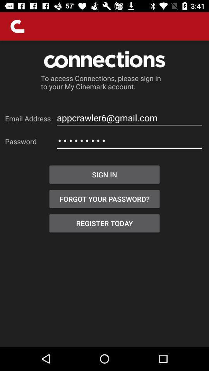 This screenshot has width=209, height=371. What do you see at coordinates (104, 198) in the screenshot?
I see `item below the sign in` at bounding box center [104, 198].